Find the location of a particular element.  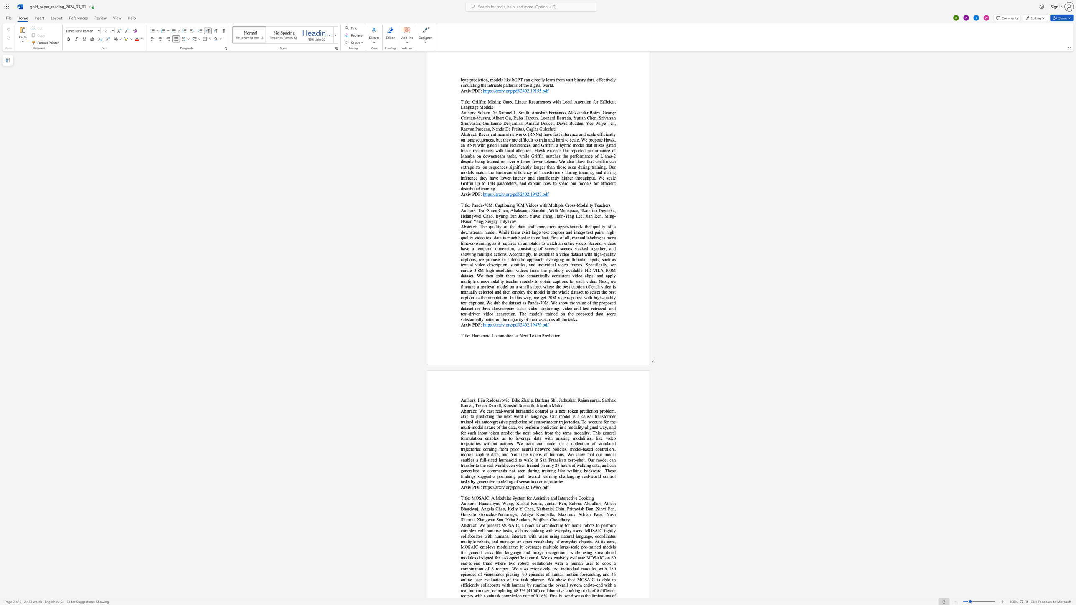

the 3th character "i" in the text is located at coordinates (551, 336).